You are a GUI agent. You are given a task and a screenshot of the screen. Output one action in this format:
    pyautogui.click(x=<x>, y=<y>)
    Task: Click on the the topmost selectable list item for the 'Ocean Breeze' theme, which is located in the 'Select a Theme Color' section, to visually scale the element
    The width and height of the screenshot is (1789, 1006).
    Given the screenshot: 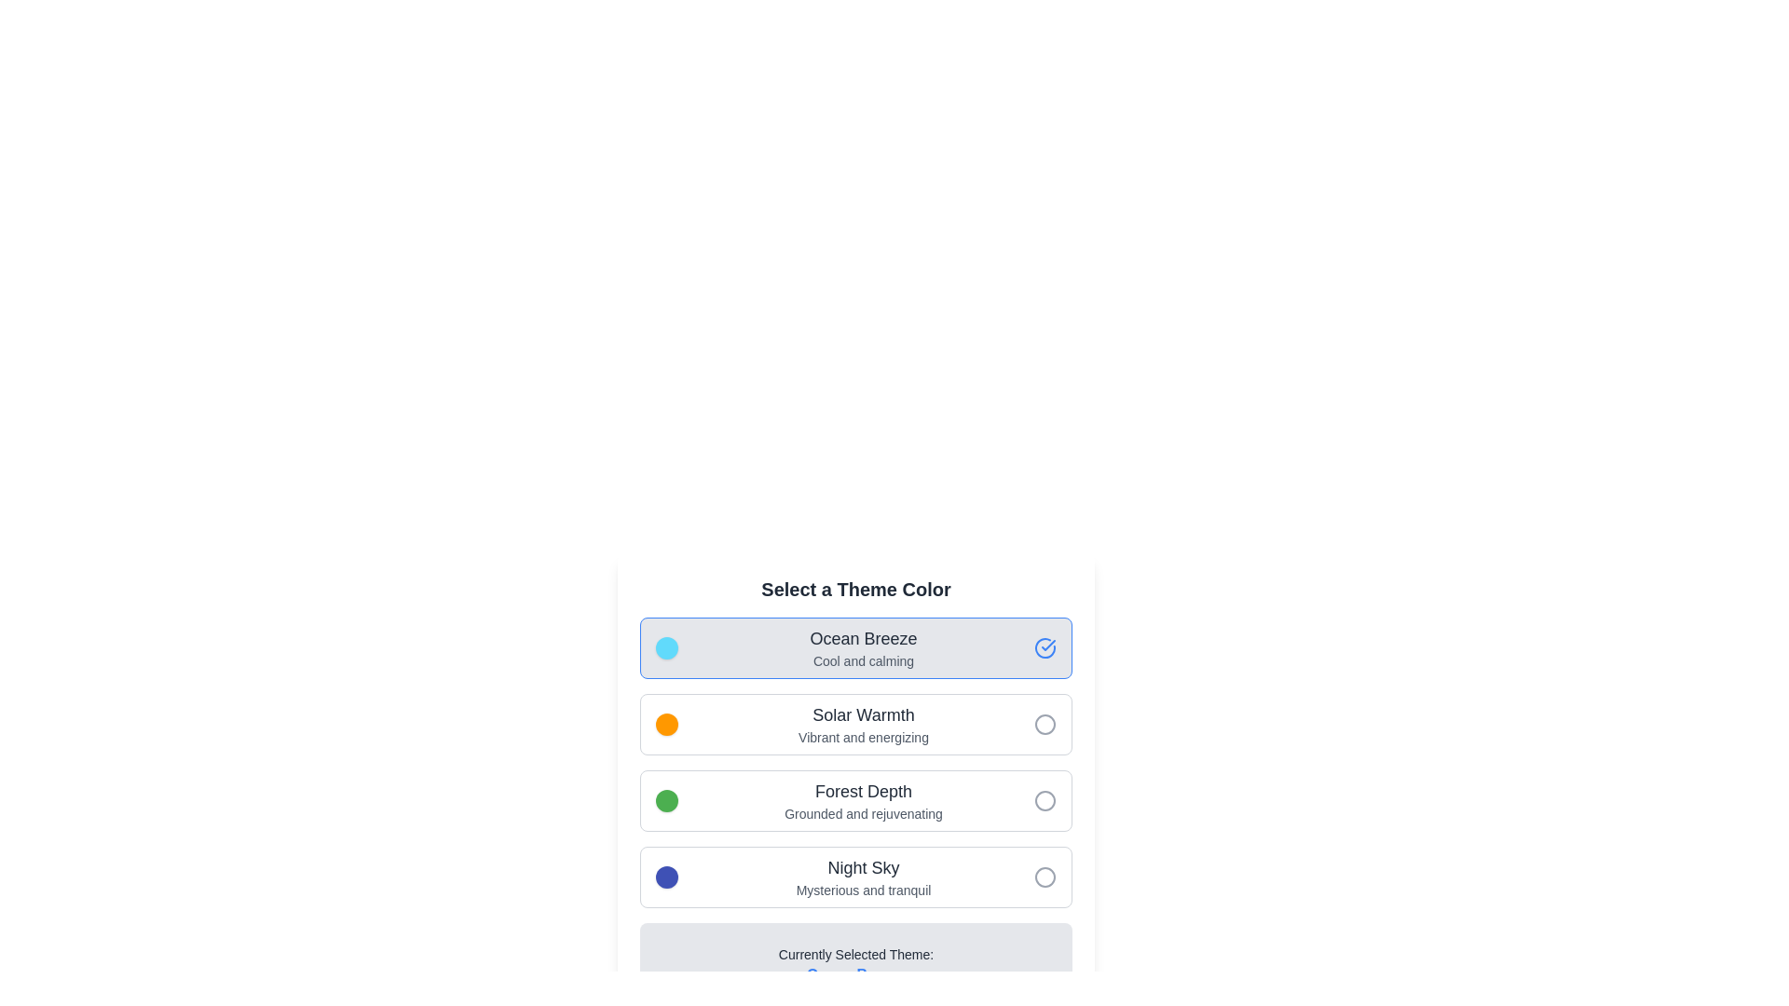 What is the action you would take?
    pyautogui.click(x=854, y=646)
    